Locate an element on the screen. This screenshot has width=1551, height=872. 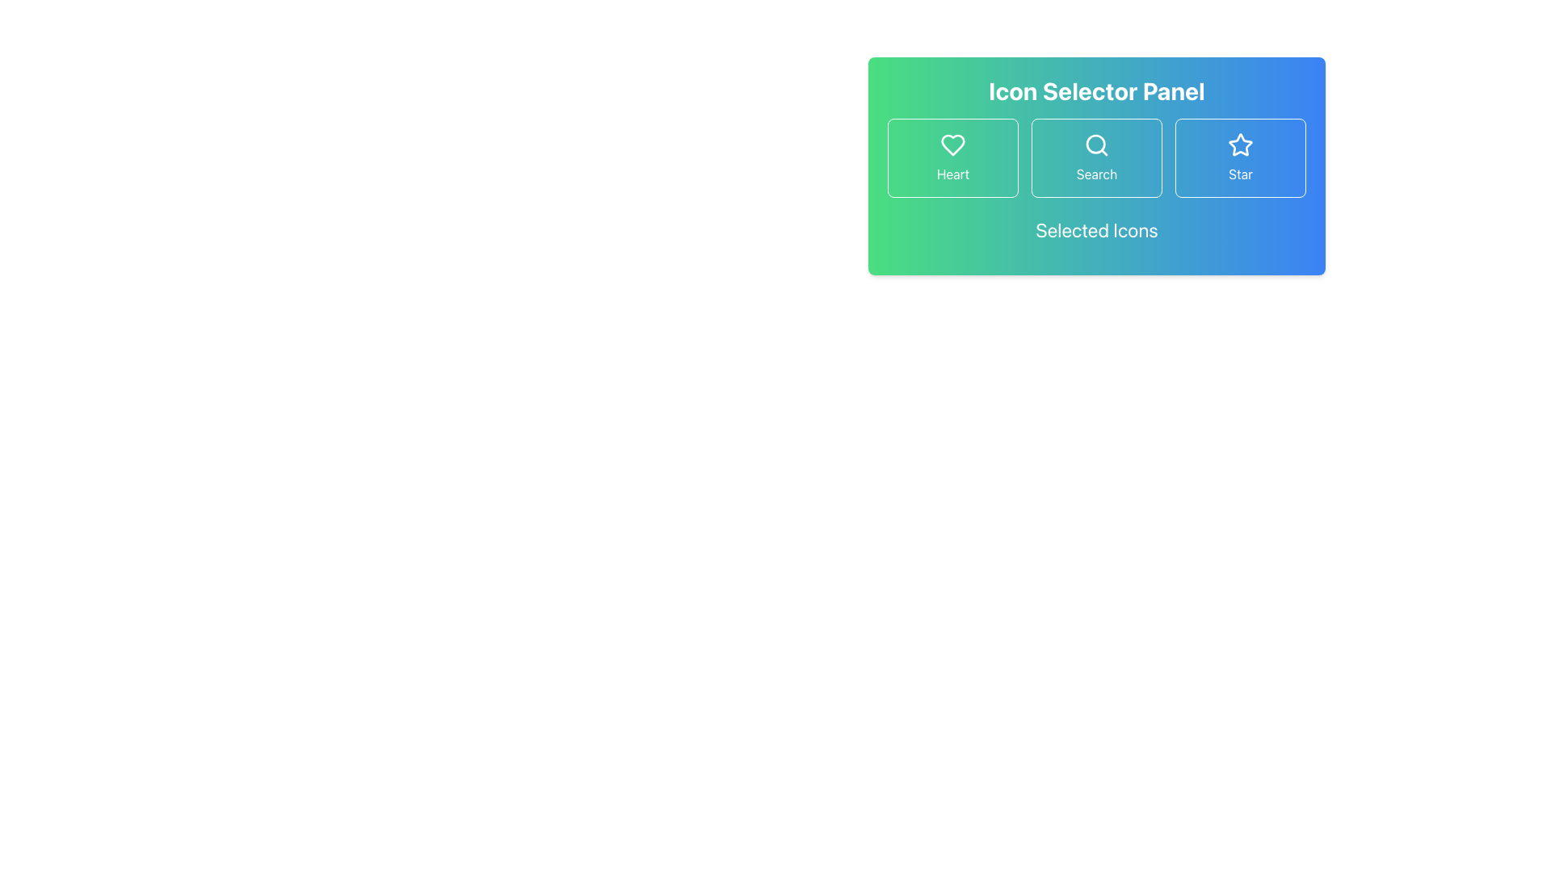
the first button labeled 'Heart' which has a hollow heart icon and is positioned to the left of the 'Search' and 'Star' buttons is located at coordinates (953, 158).